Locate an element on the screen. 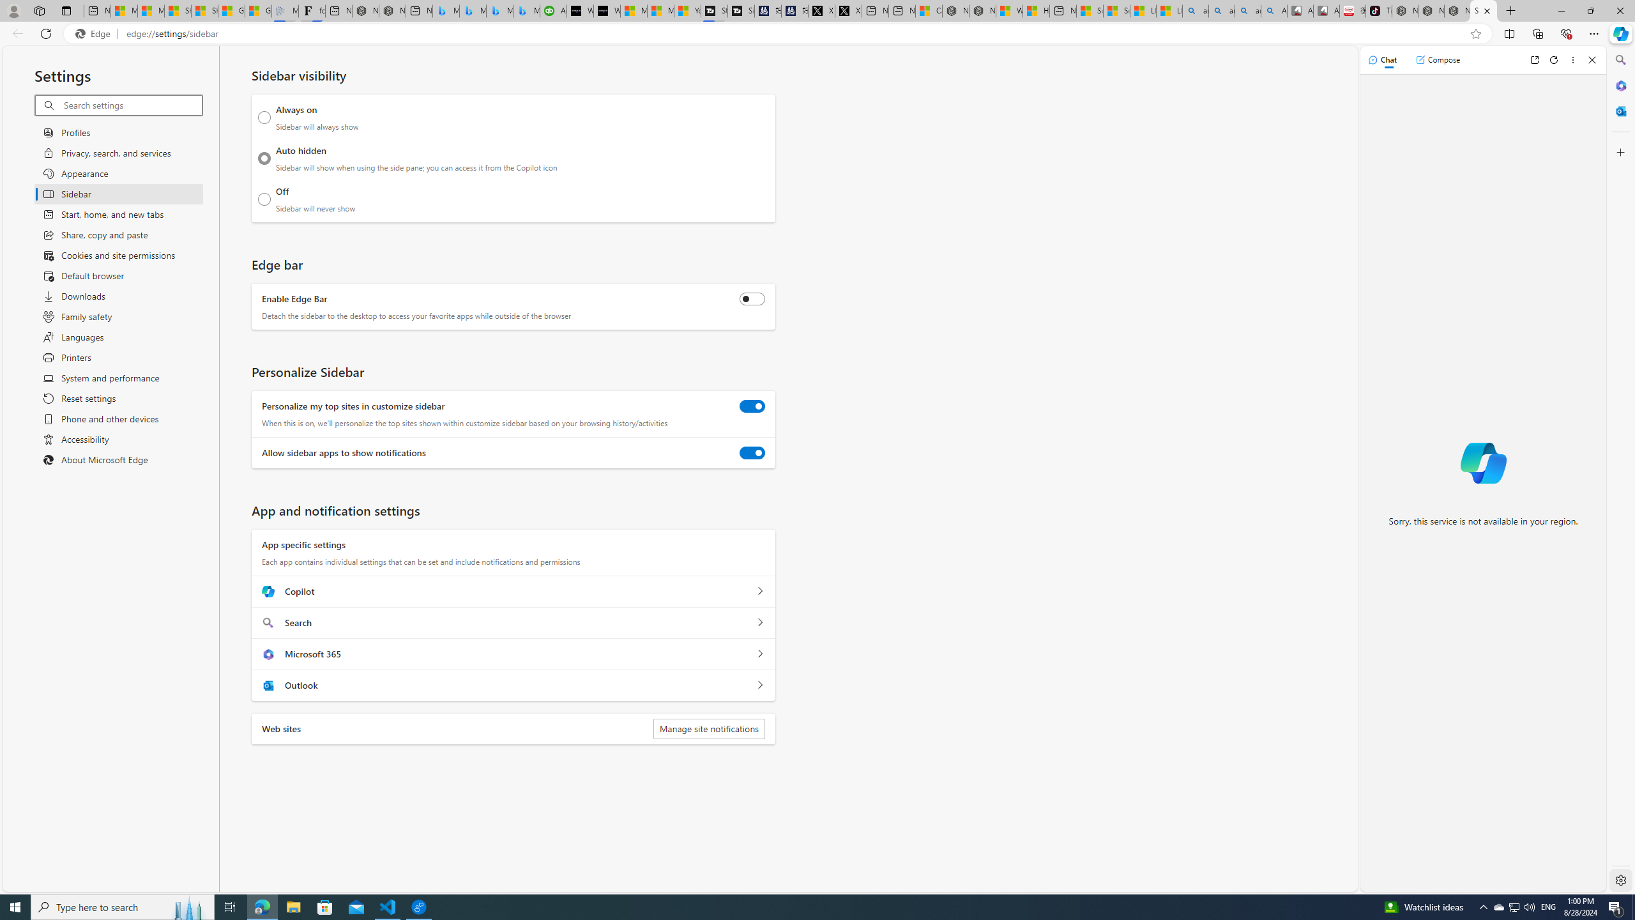  'Manage site notifications' is located at coordinates (708, 728).